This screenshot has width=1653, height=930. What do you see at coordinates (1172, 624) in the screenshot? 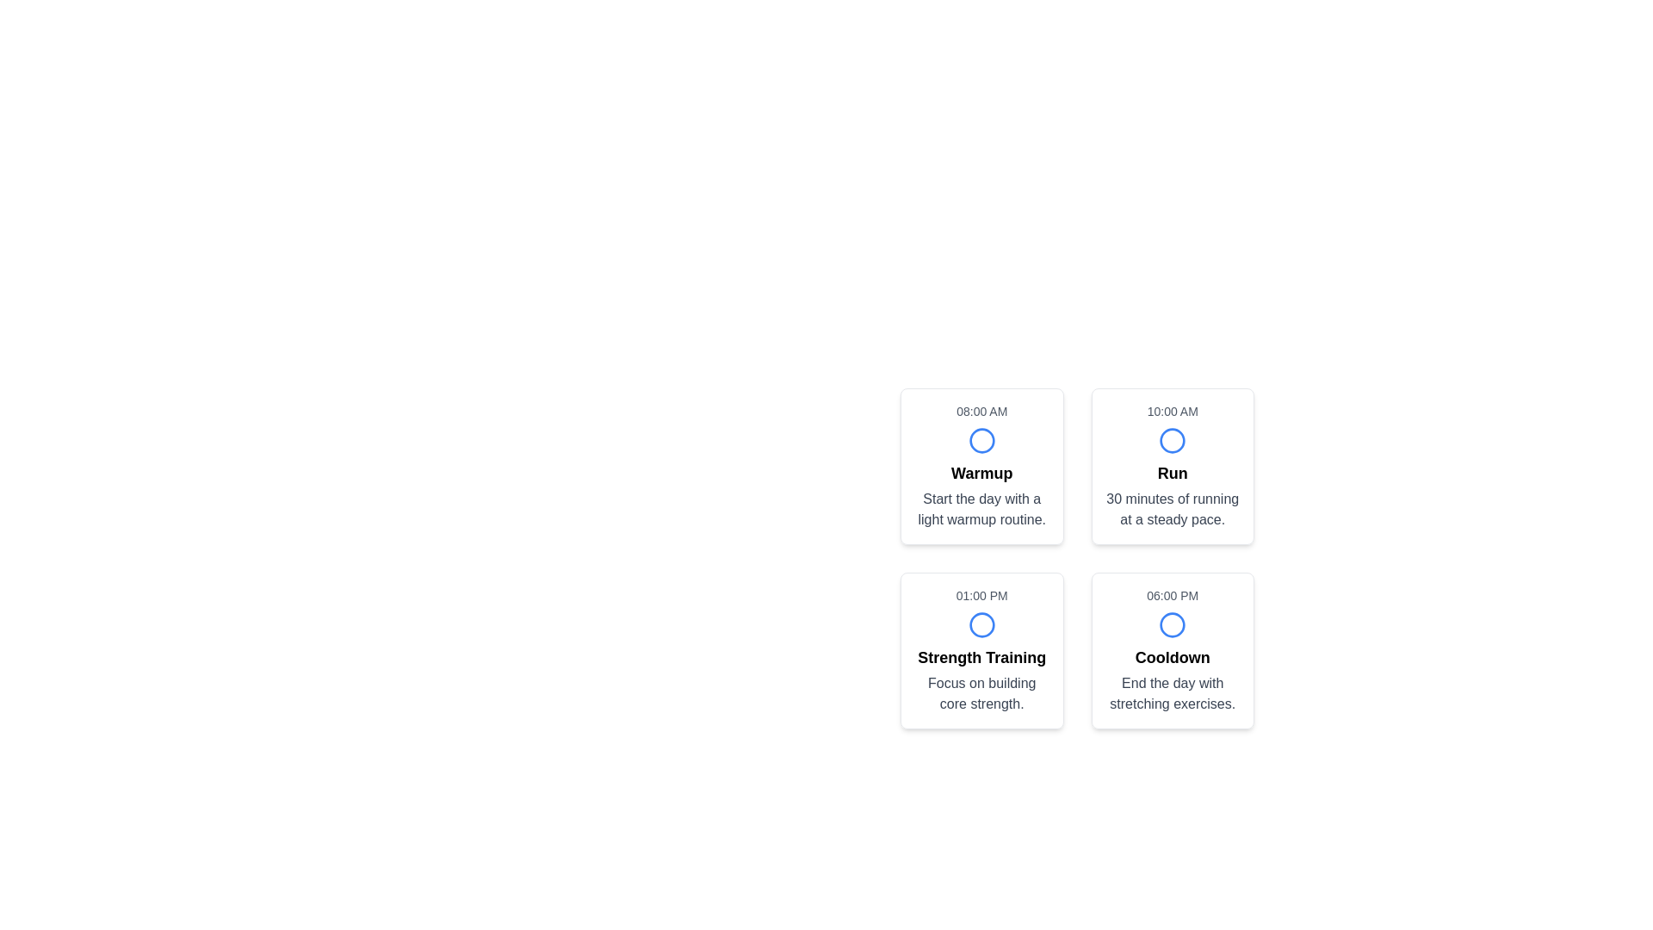
I see `the blue-bordered circular SVG element located in the bottom-right corner of the 'Cooldown' activity card in the 2x2 grid of activity cards` at bounding box center [1172, 624].